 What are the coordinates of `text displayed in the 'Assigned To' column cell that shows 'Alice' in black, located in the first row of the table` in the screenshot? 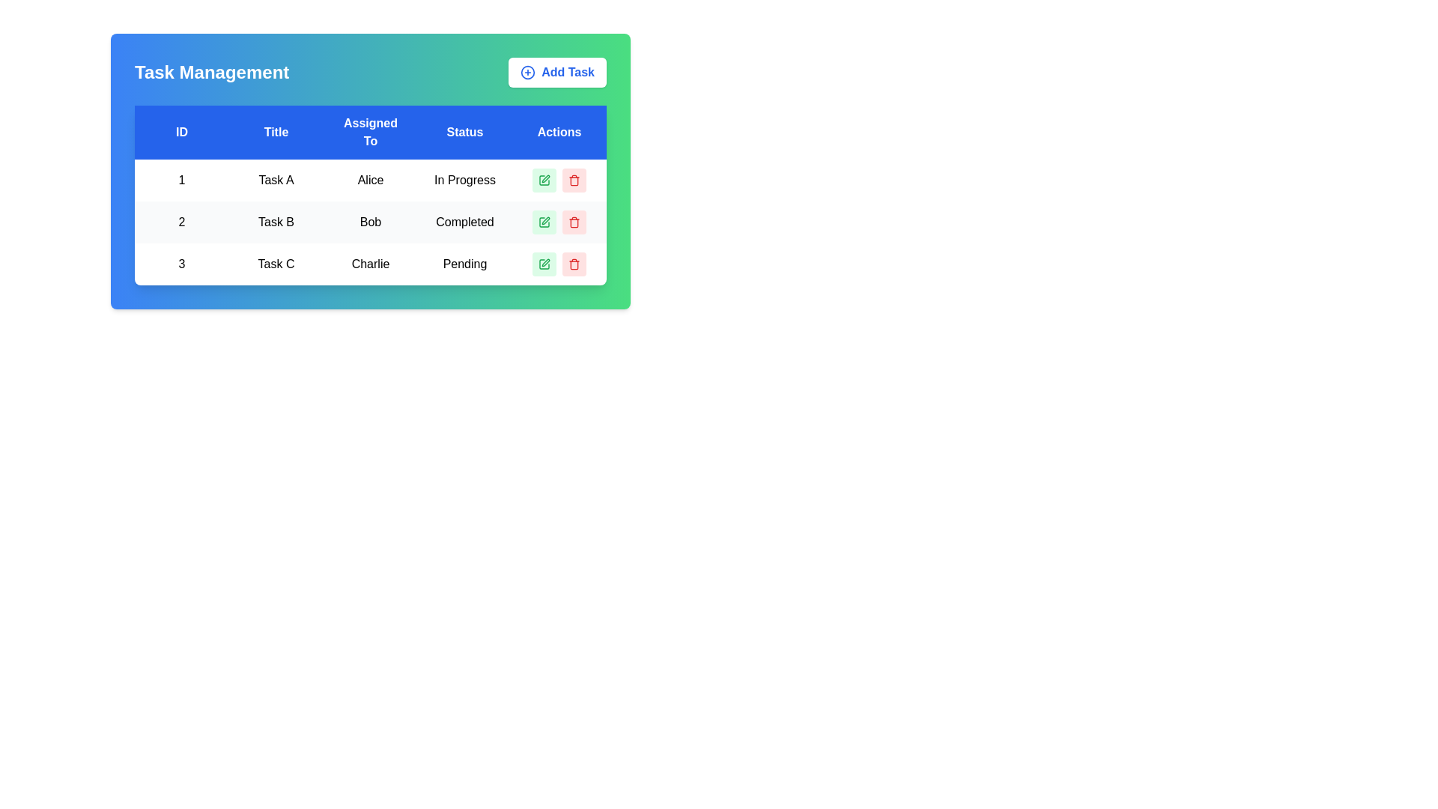 It's located at (370, 179).